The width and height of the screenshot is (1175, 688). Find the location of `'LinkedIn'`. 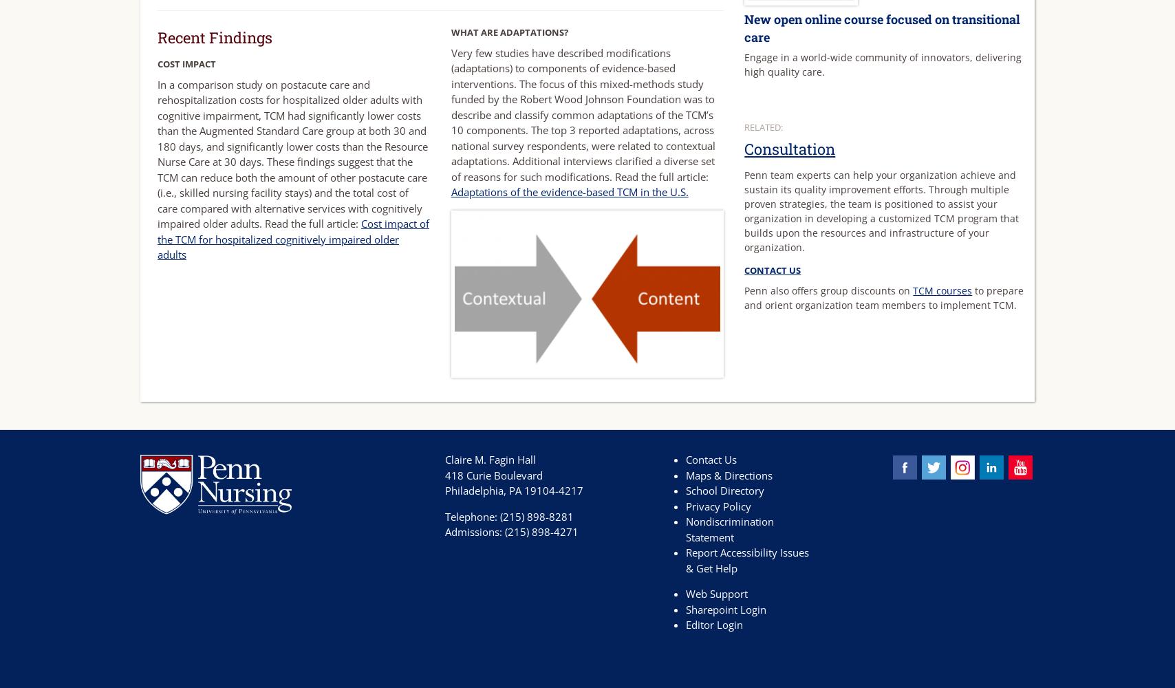

'LinkedIn' is located at coordinates (1023, 463).